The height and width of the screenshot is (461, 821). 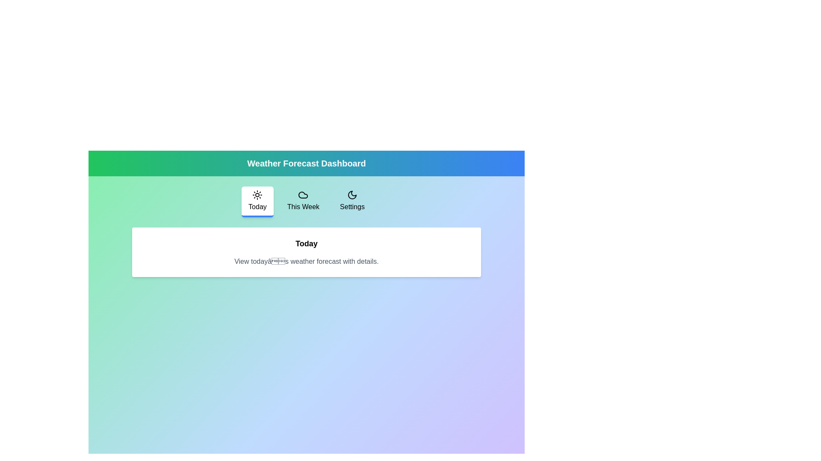 I want to click on the tab labeled This Week to navigate to it, so click(x=303, y=202).